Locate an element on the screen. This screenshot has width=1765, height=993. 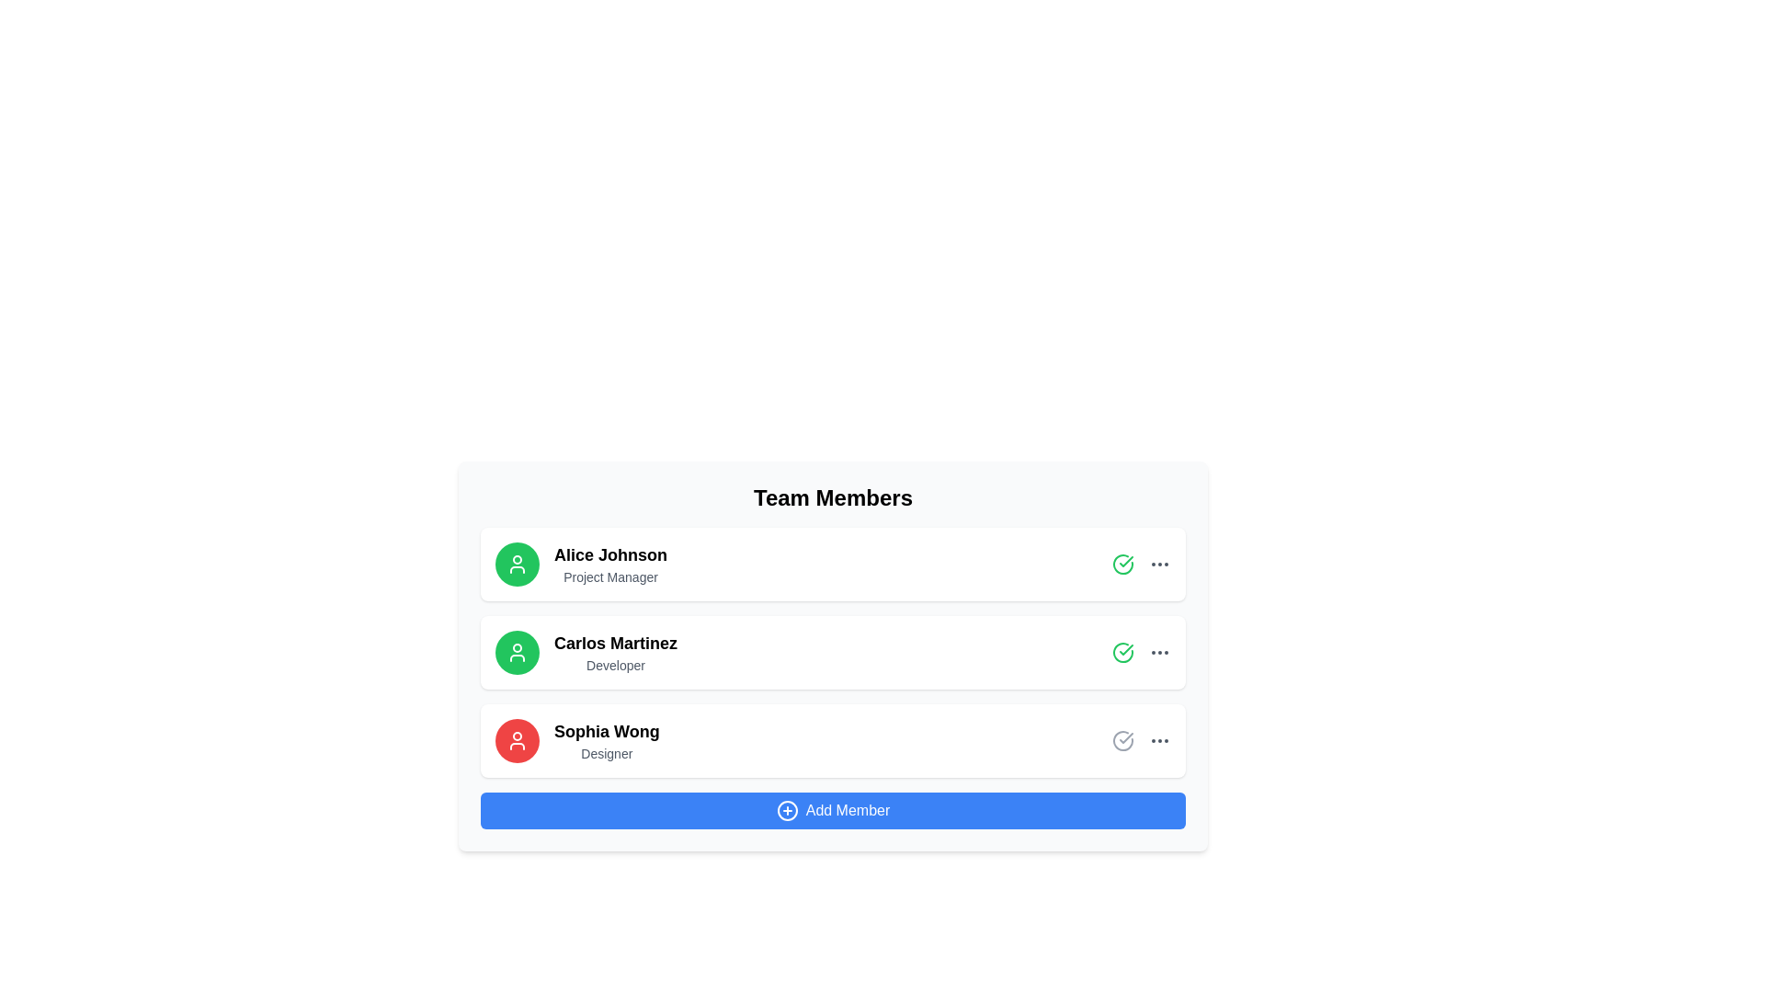
the profile picture icon that represents the user 'Carlos Martinez' in the second position of the 'Team Members' section is located at coordinates (516, 651).